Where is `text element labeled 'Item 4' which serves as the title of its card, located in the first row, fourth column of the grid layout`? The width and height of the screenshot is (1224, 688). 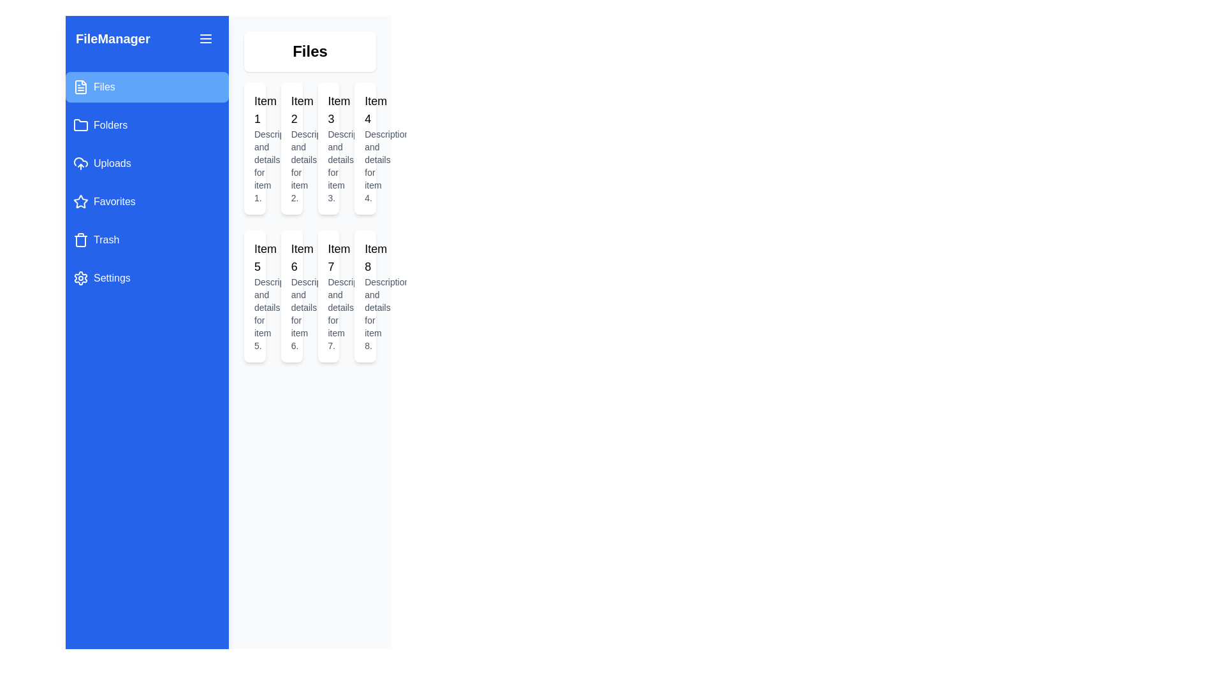 text element labeled 'Item 4' which serves as the title of its card, located in the first row, fourth column of the grid layout is located at coordinates (365, 110).